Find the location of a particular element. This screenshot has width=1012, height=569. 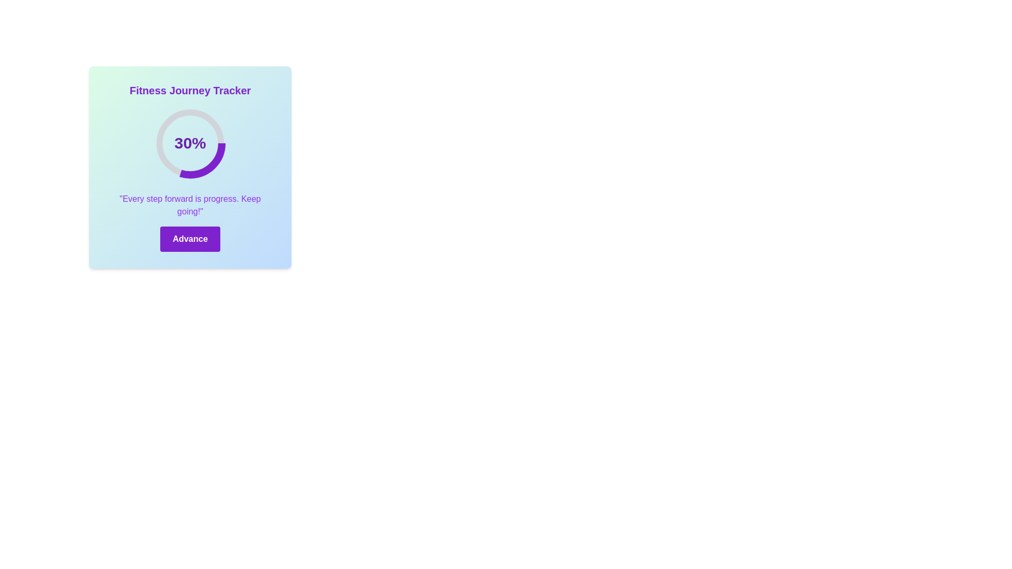

text content of the Circular progress indicator, which visually represents a 30% completion level within the 'Fitness Journey Tracker' card is located at coordinates (190, 143).